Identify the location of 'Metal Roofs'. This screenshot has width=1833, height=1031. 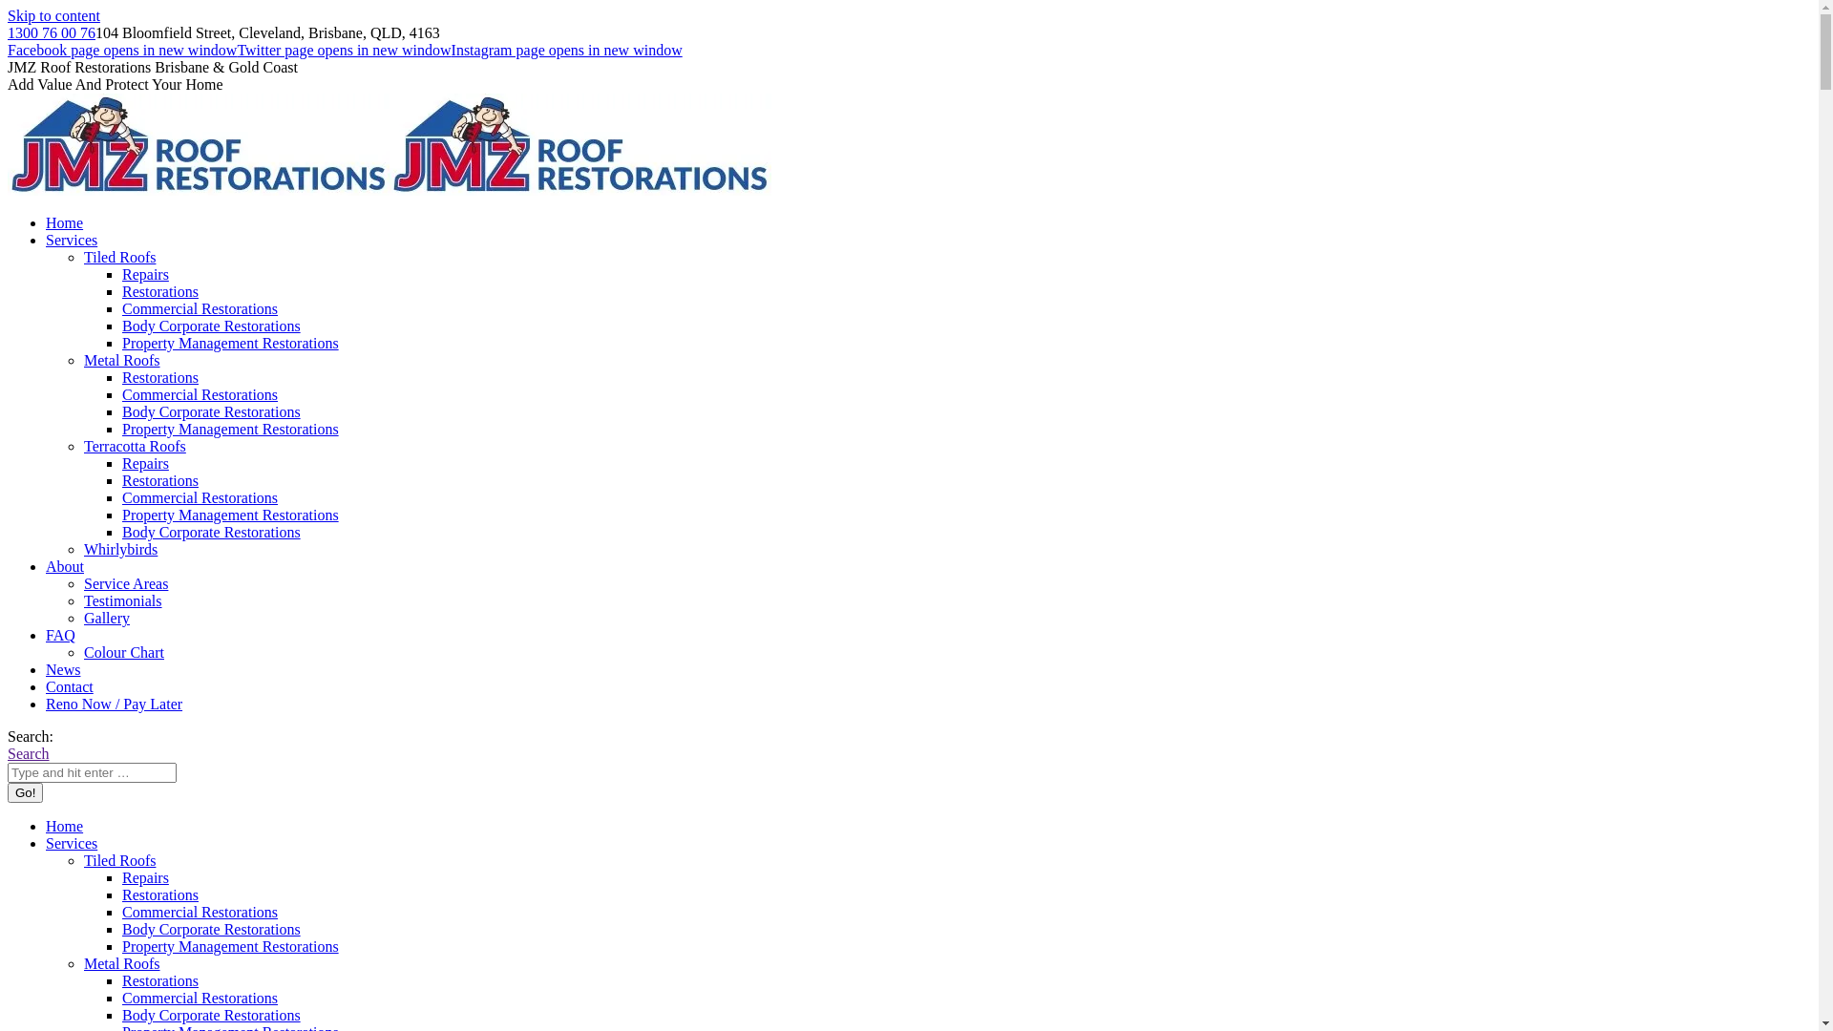
(121, 360).